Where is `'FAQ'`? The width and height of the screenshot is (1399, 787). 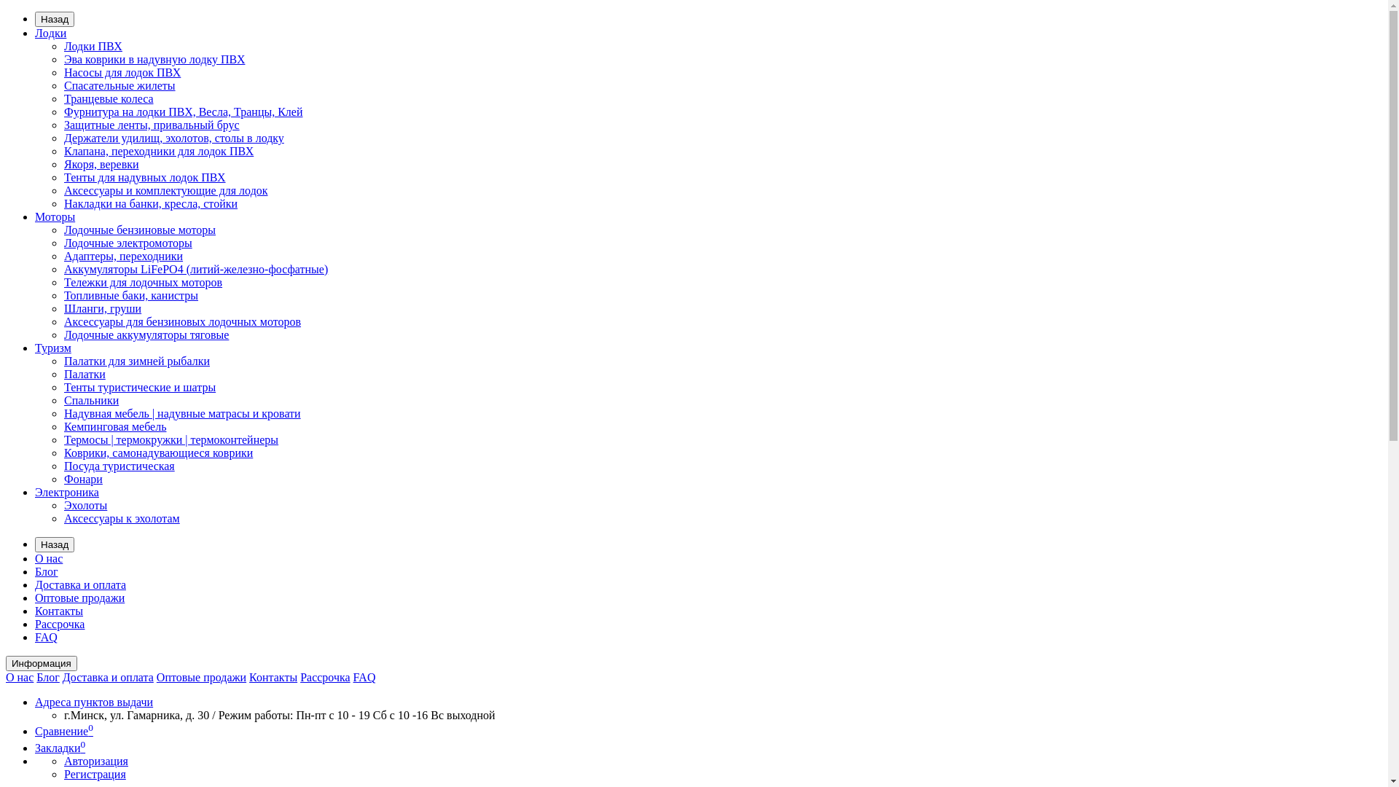 'FAQ' is located at coordinates (46, 636).